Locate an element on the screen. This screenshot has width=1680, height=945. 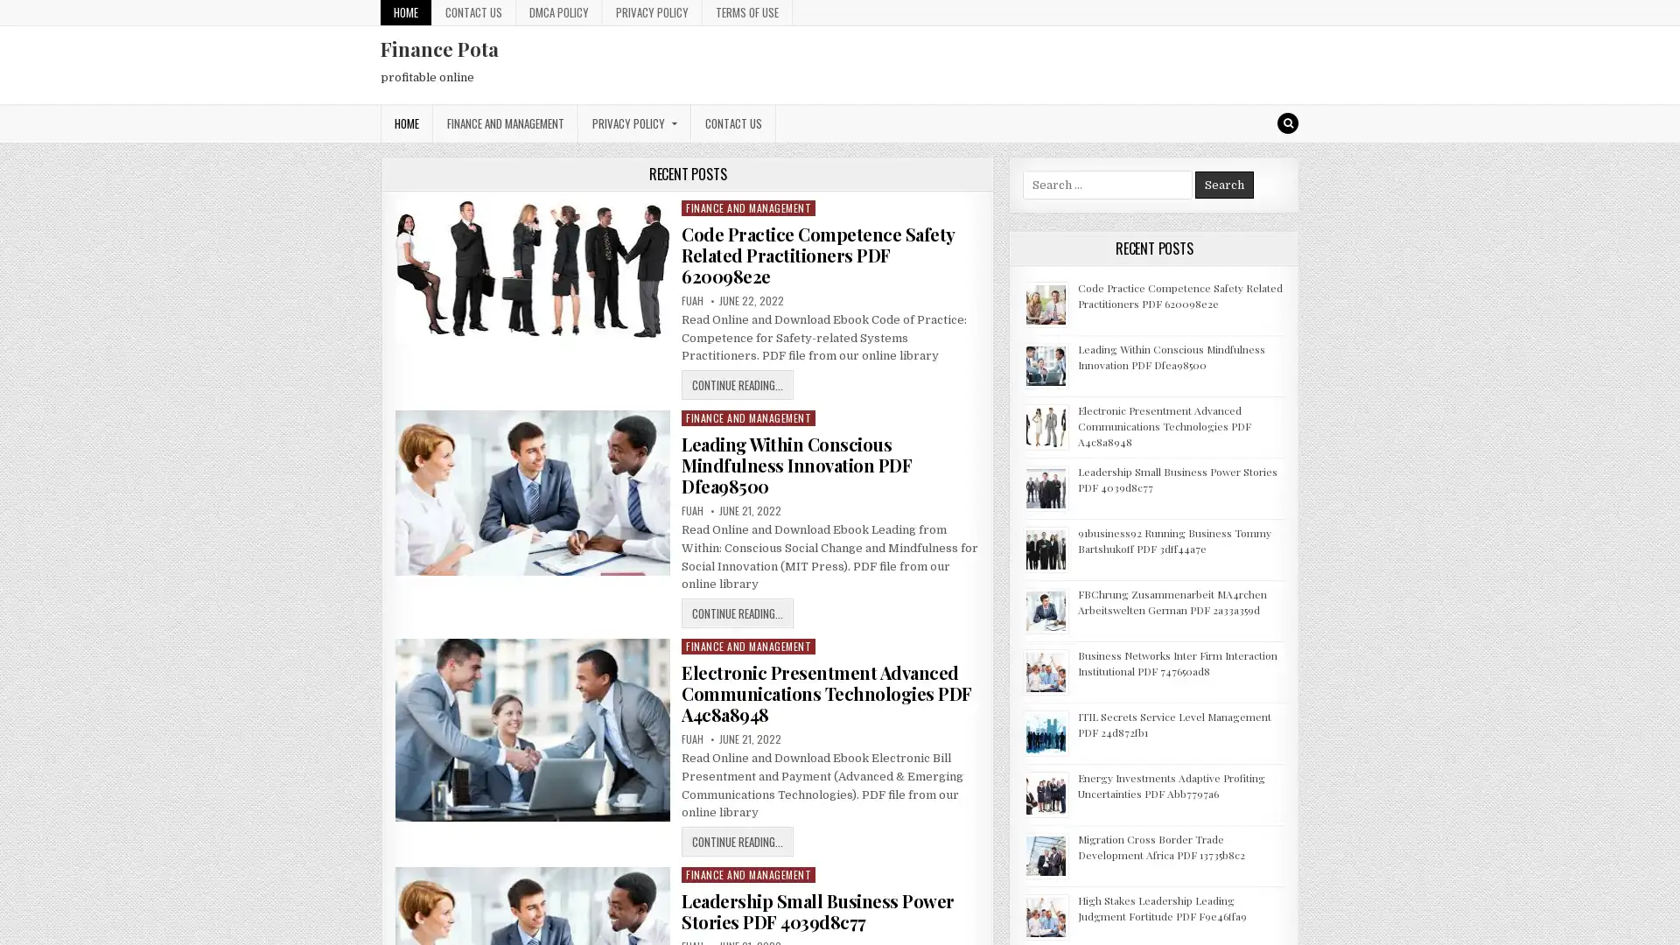
Search is located at coordinates (1223, 185).